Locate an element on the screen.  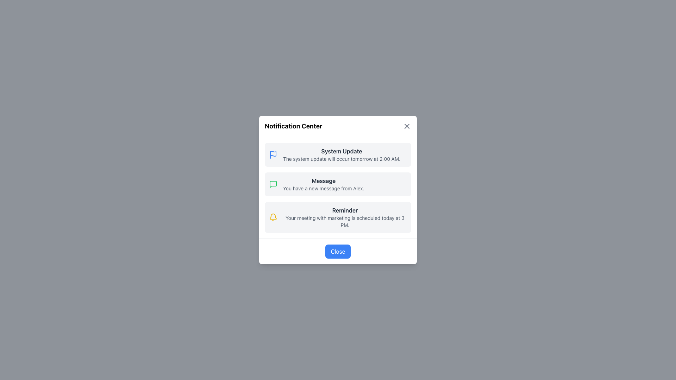
the 'System Update' notification icon, which is positioned to the left of the notification text and serves as a graphical indicator of importance or status is located at coordinates (273, 154).